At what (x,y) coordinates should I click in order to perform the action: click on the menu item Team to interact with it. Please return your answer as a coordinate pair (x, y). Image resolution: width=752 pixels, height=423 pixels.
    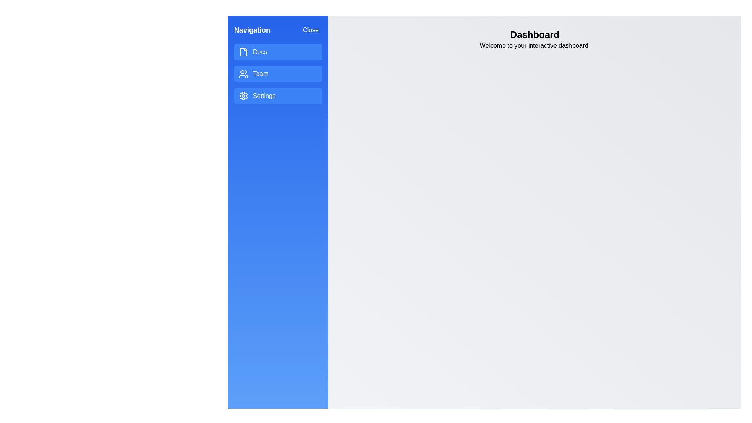
    Looking at the image, I should click on (278, 74).